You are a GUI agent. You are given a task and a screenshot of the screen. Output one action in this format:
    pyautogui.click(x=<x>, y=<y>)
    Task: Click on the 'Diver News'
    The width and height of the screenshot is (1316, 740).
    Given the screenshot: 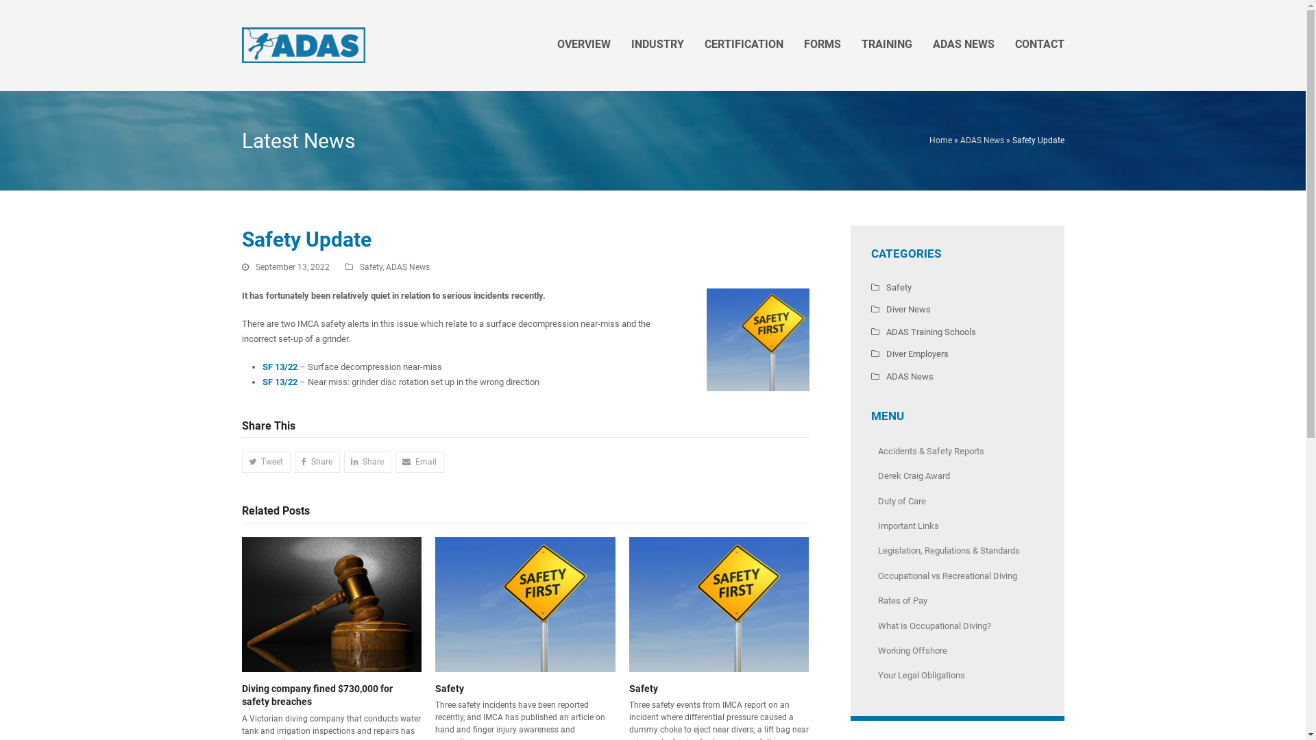 What is the action you would take?
    pyautogui.click(x=900, y=309)
    